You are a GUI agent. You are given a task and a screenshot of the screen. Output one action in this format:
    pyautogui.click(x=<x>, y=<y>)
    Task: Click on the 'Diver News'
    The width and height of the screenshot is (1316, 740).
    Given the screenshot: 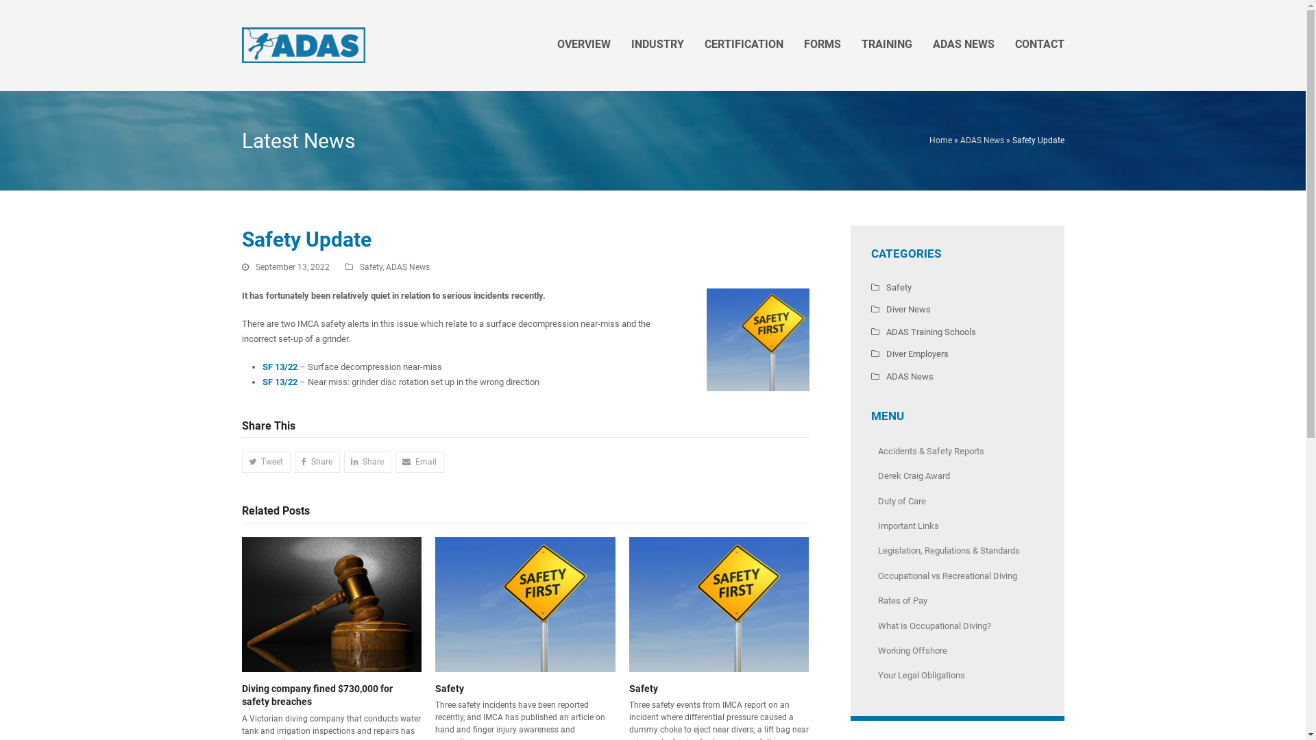 What is the action you would take?
    pyautogui.click(x=900, y=309)
    